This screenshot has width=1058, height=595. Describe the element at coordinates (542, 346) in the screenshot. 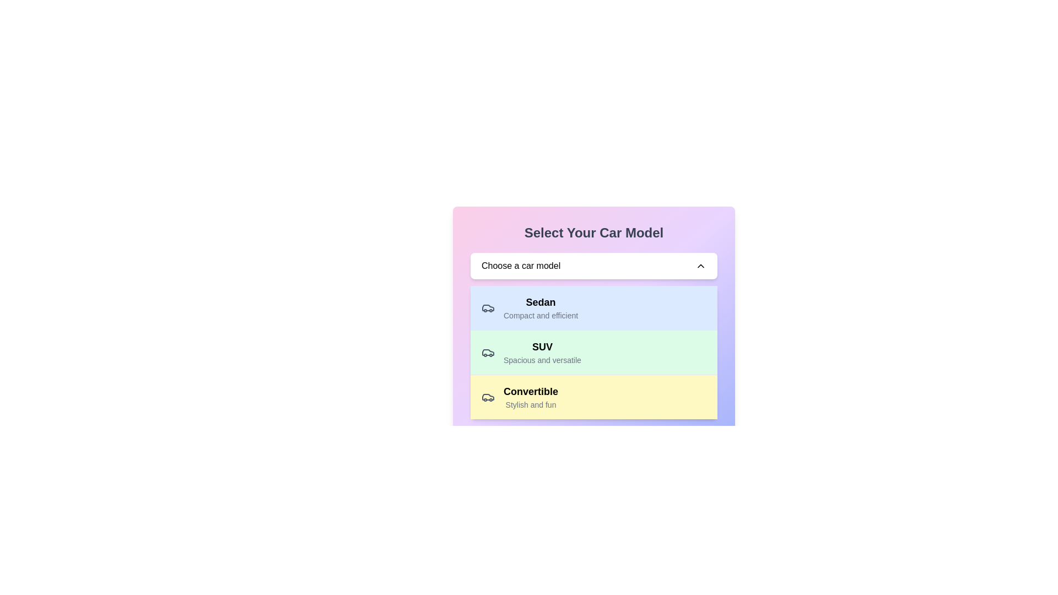

I see `the Text label for the SUV option in the car model selection dropdown by moving the cursor to its center` at that location.